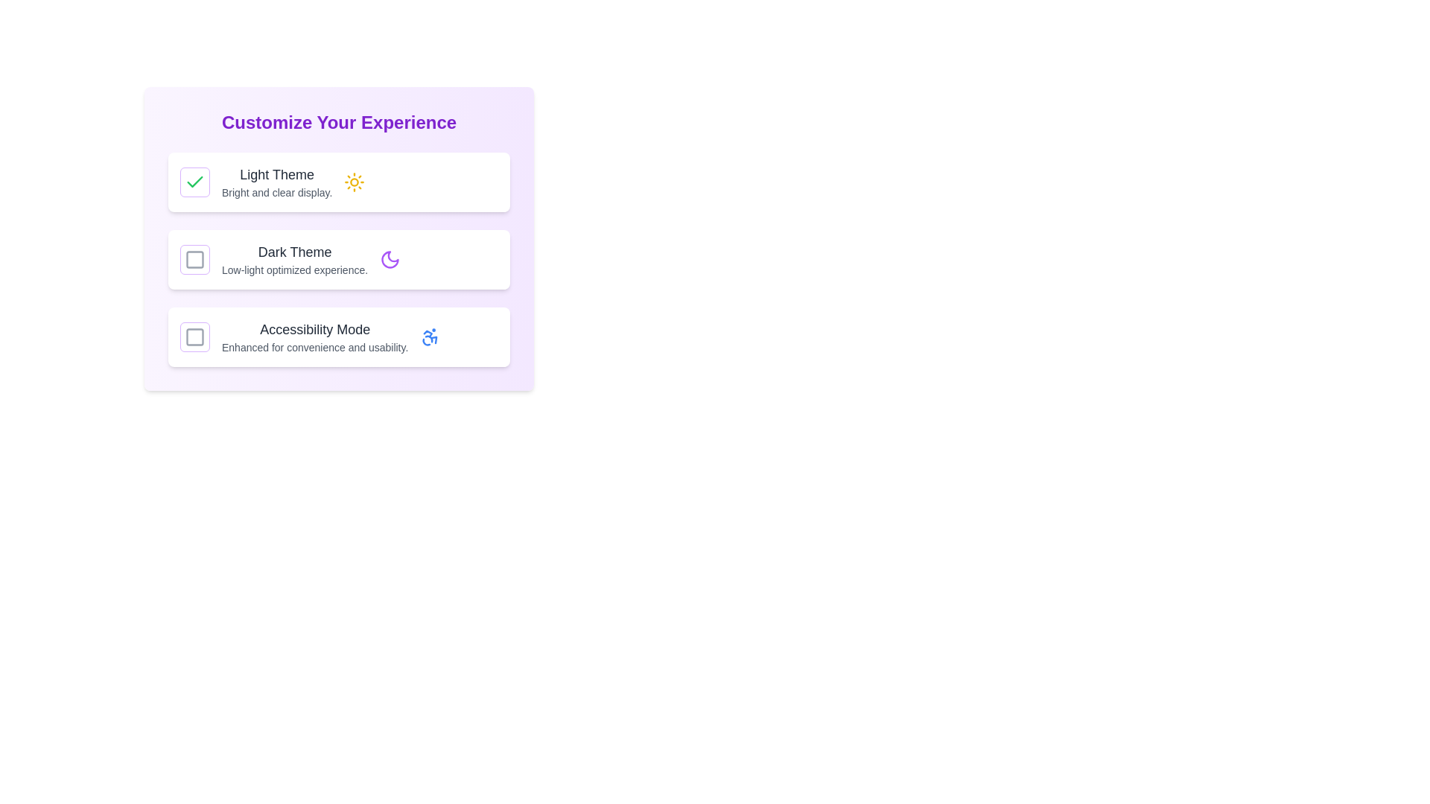 This screenshot has height=804, width=1430. What do you see at coordinates (354, 182) in the screenshot?
I see `the SVG circle that represents the sun icon for the 'Light Theme' option located in the 'Customize Your Experience' section` at bounding box center [354, 182].